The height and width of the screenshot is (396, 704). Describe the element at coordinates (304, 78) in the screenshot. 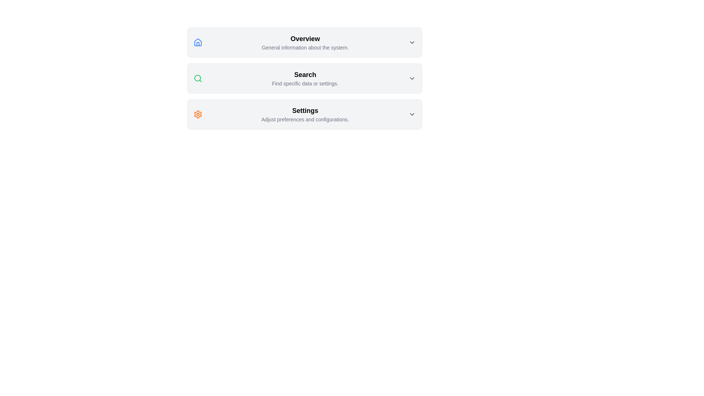

I see `the second entry in the vertically stacked list, located below the 'Overview' section` at that location.